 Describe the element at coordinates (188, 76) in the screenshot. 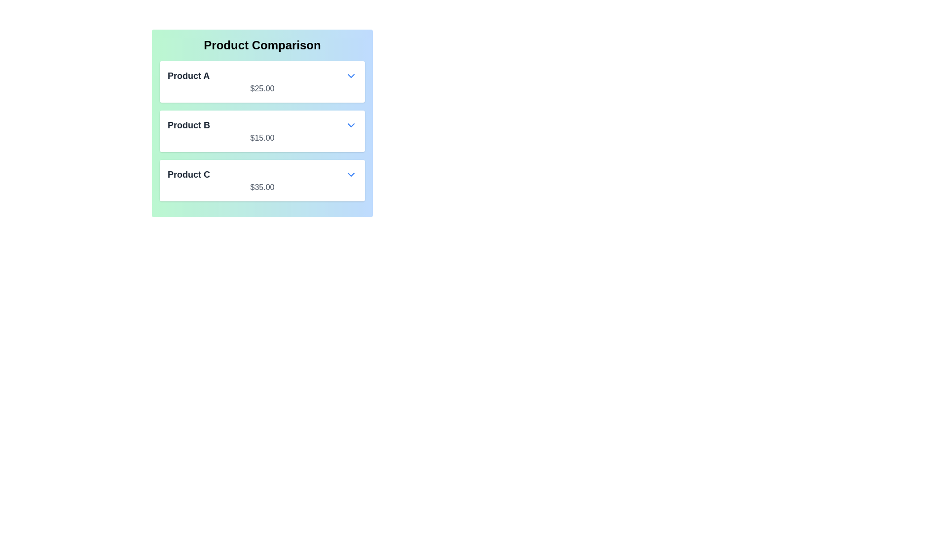

I see `the text label displaying 'Product A'` at that location.